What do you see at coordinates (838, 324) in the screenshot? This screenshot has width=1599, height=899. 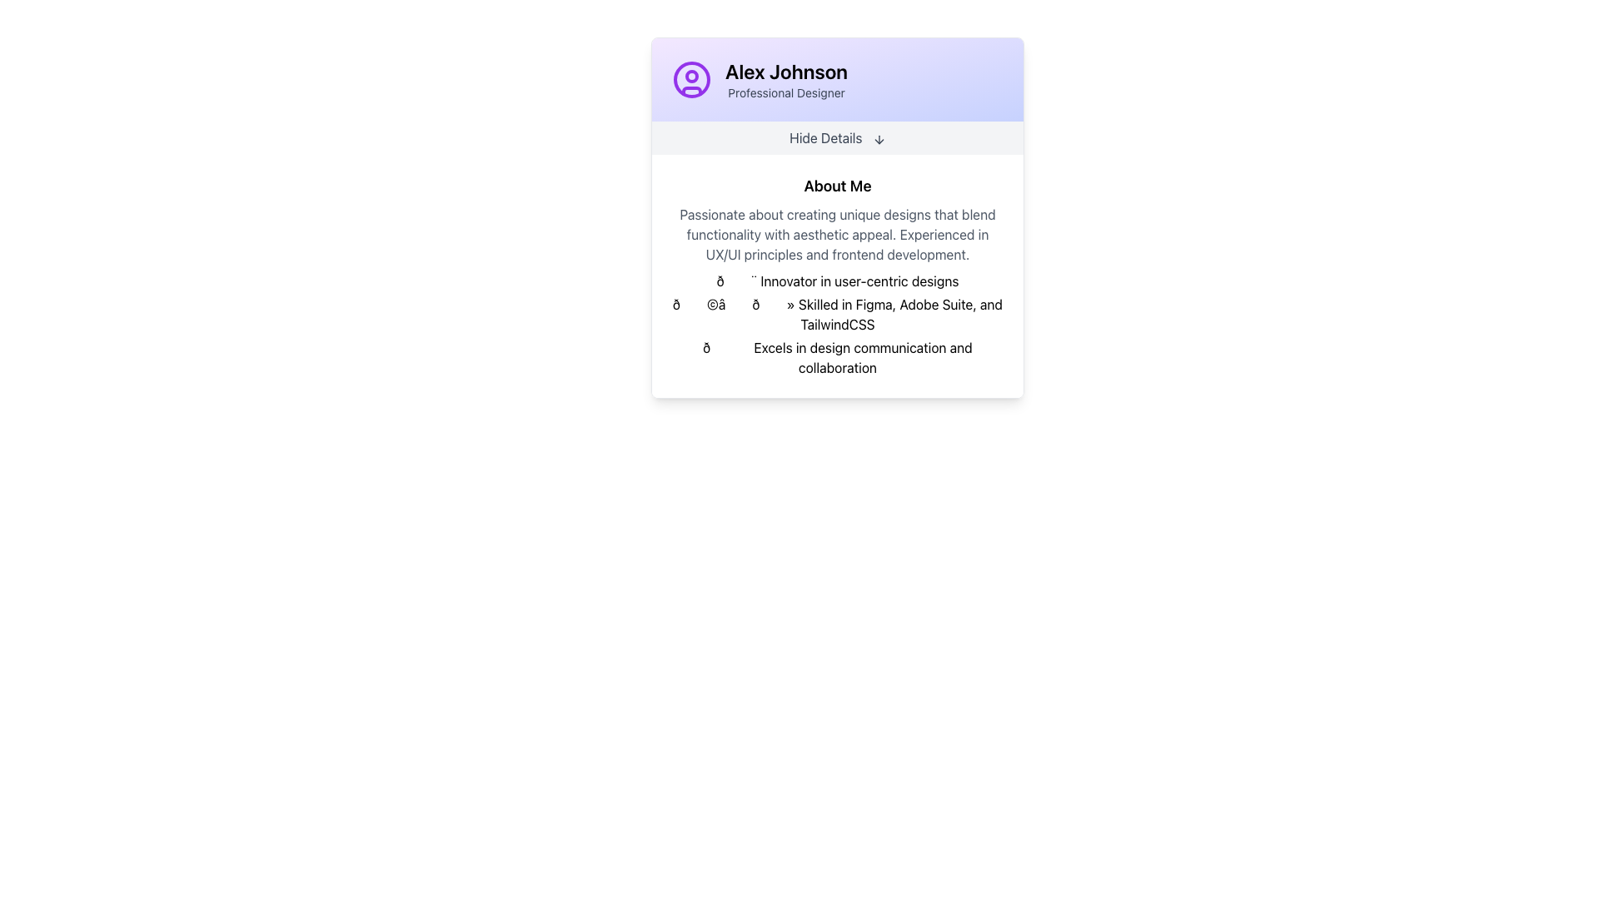 I see `detailed list of key skills, achievements, and proficiencies displayed in the Text display (list format) located in the 'About Me' section of the professional profile card` at bounding box center [838, 324].